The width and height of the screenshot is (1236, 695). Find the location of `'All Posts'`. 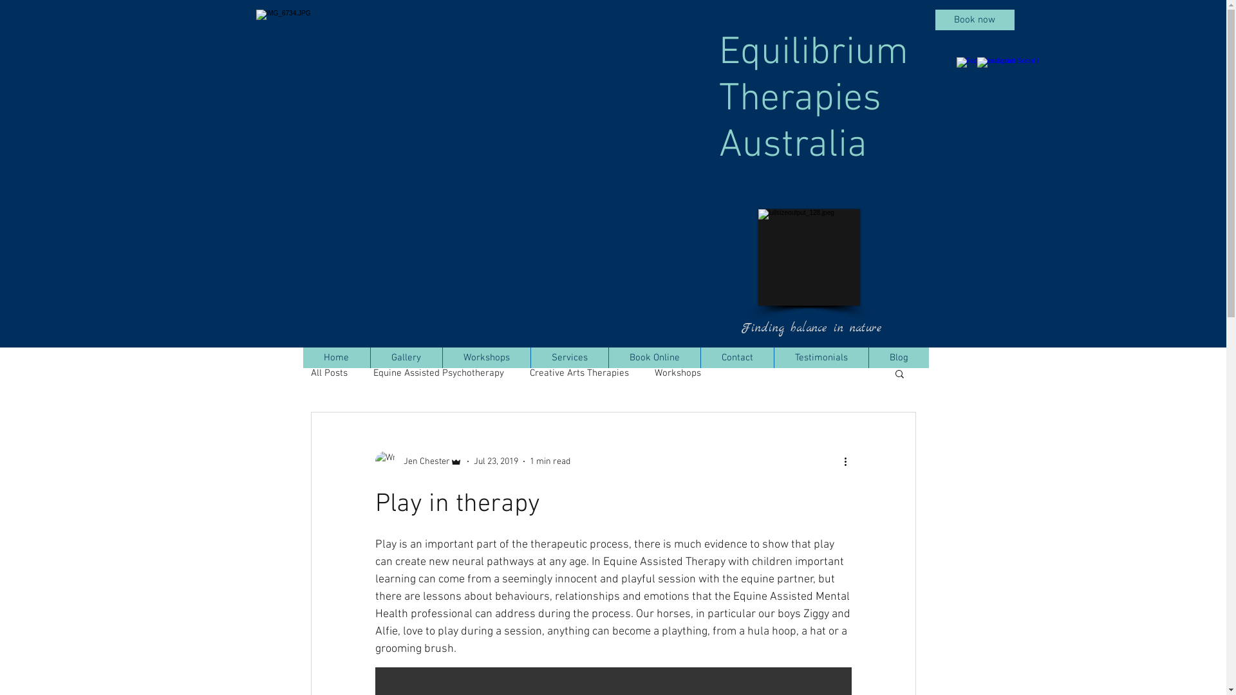

'All Posts' is located at coordinates (328, 373).